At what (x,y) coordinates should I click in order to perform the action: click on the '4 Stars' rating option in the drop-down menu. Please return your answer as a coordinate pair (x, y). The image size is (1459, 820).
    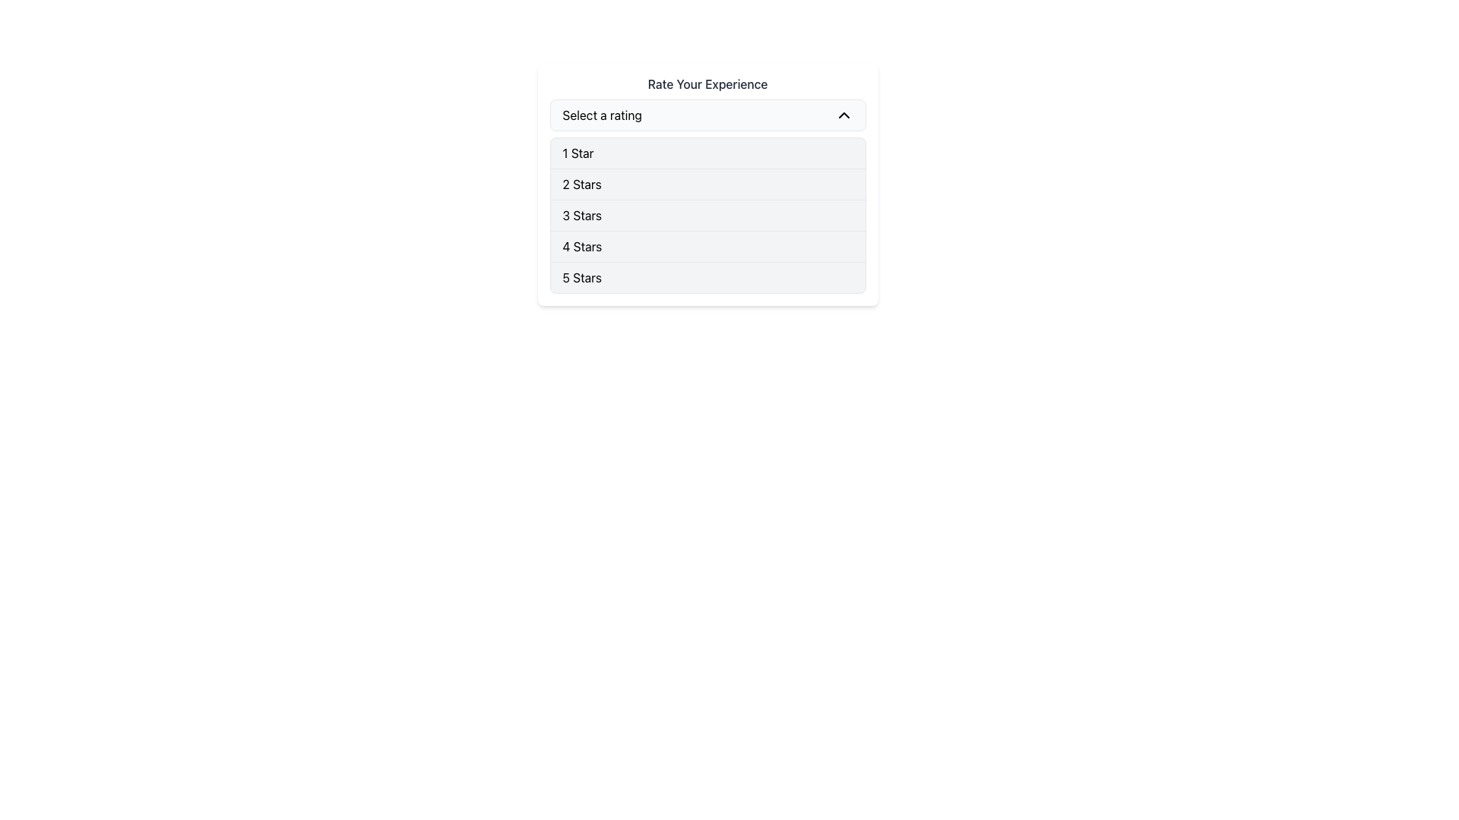
    Looking at the image, I should click on (581, 245).